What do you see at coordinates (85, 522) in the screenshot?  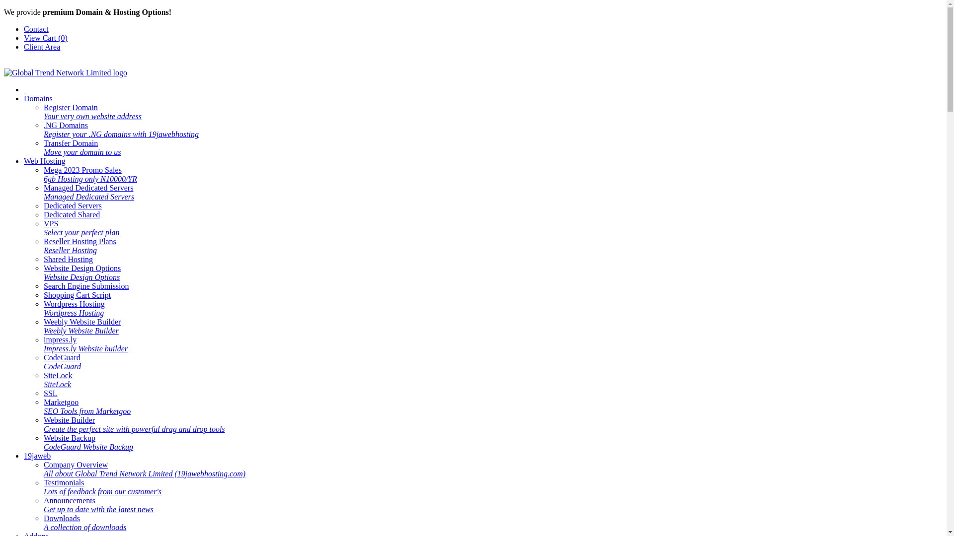 I see `'Downloads` at bounding box center [85, 522].